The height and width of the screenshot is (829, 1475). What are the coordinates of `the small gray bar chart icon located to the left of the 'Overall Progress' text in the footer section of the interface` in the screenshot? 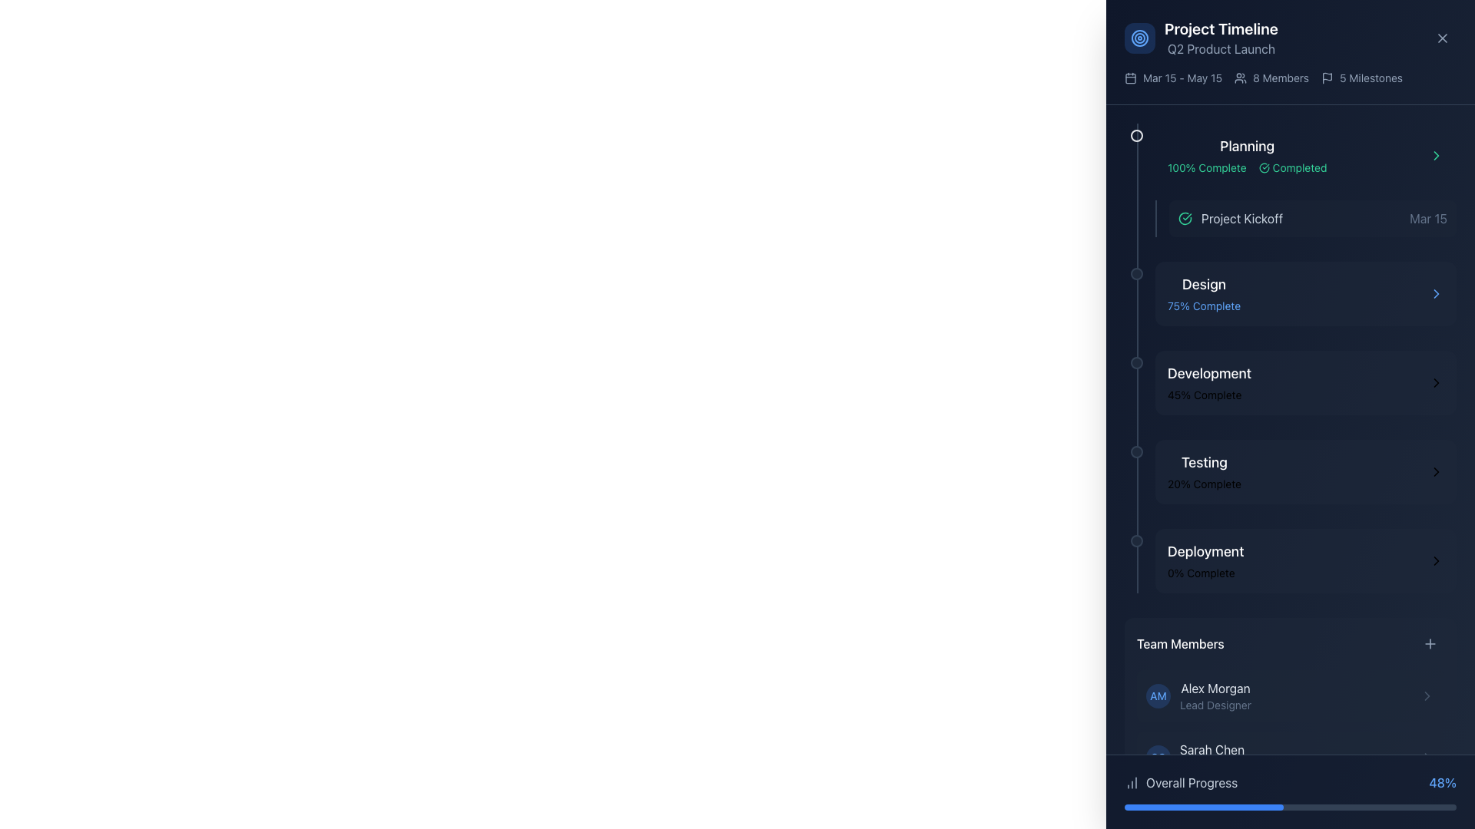 It's located at (1132, 782).